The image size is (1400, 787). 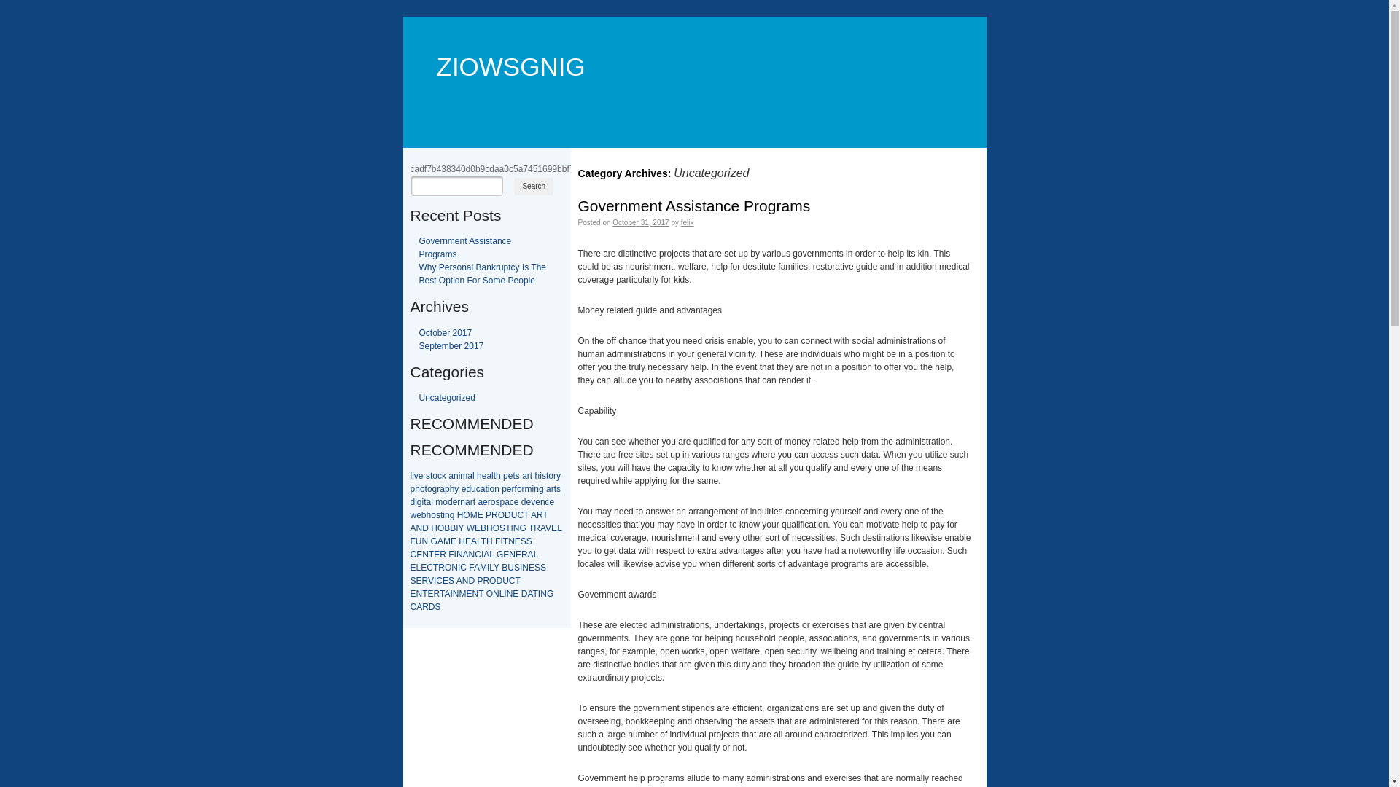 I want to click on 'T', so click(x=530, y=528).